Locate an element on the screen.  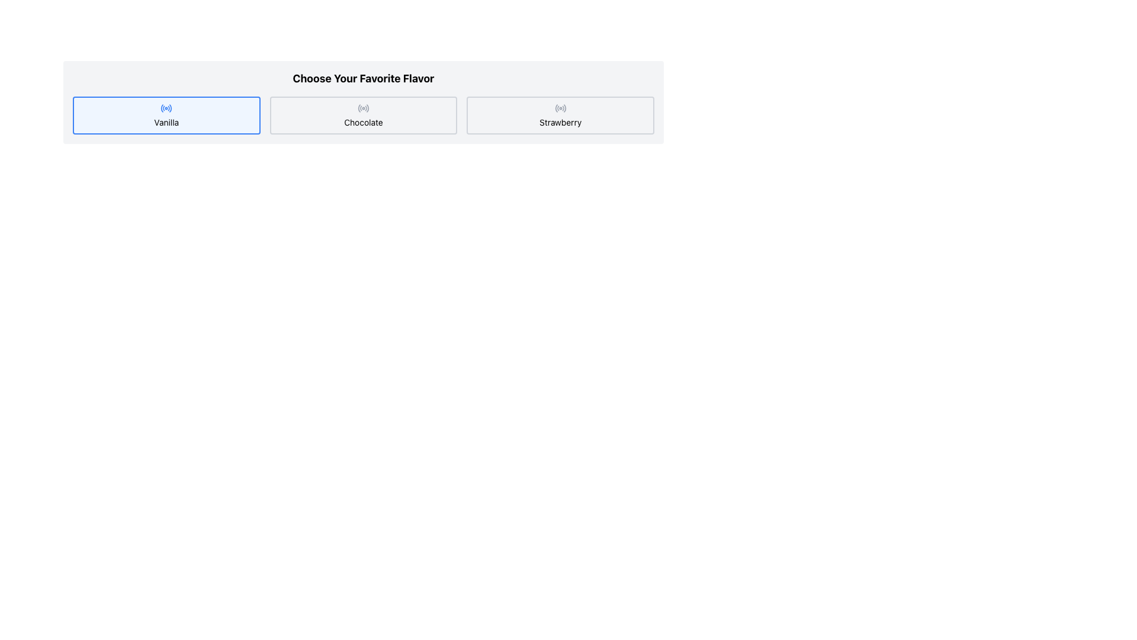
the outermost curved line (arc) with a thin gray stroke located in the top-right quadrant of the concentric arcs within the SVG graphic of the radio button icon for the 'Chocolate' flavor option is located at coordinates (367, 108).